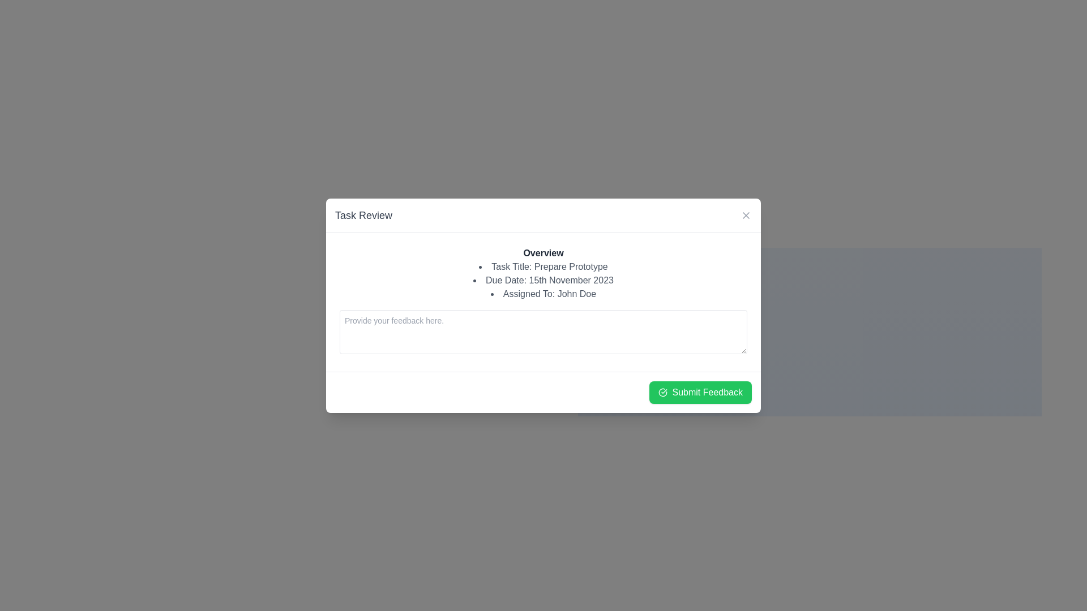 The image size is (1087, 611). Describe the element at coordinates (543, 252) in the screenshot. I see `the static text label element displaying 'Overview' in bold, dark gray font, located at the top of the modal interface` at that location.